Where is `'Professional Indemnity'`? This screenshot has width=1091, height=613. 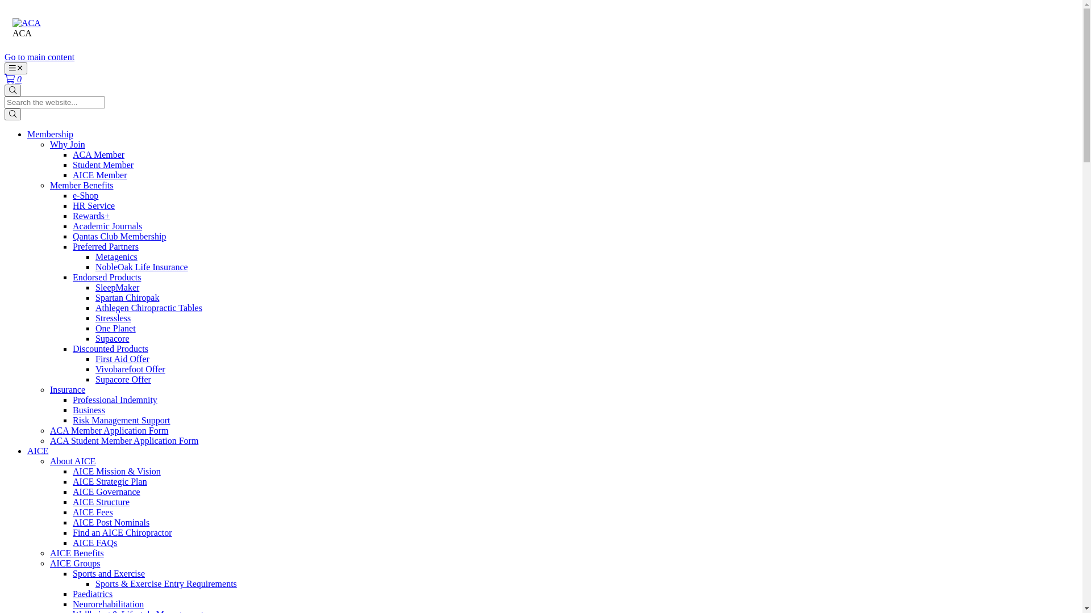
'Professional Indemnity' is located at coordinates (72, 399).